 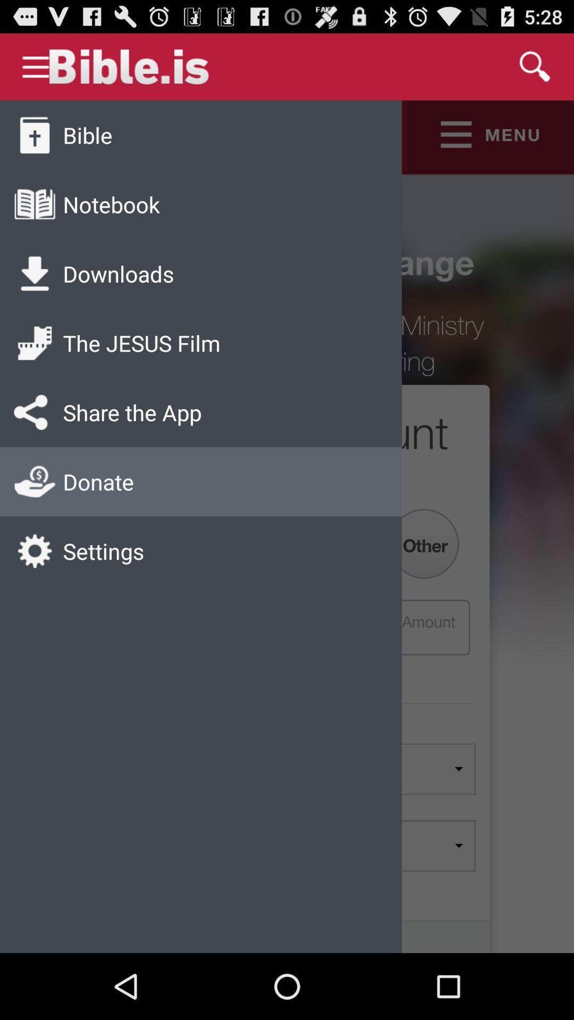 What do you see at coordinates (119, 274) in the screenshot?
I see `the downloads app` at bounding box center [119, 274].